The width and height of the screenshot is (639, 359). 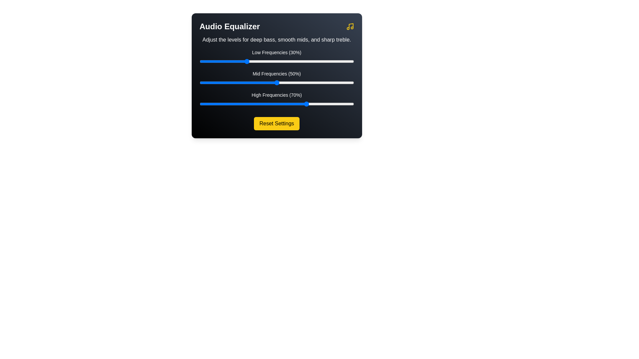 What do you see at coordinates (277, 123) in the screenshot?
I see `the 'Reset Settings' button to reset the frequencies` at bounding box center [277, 123].